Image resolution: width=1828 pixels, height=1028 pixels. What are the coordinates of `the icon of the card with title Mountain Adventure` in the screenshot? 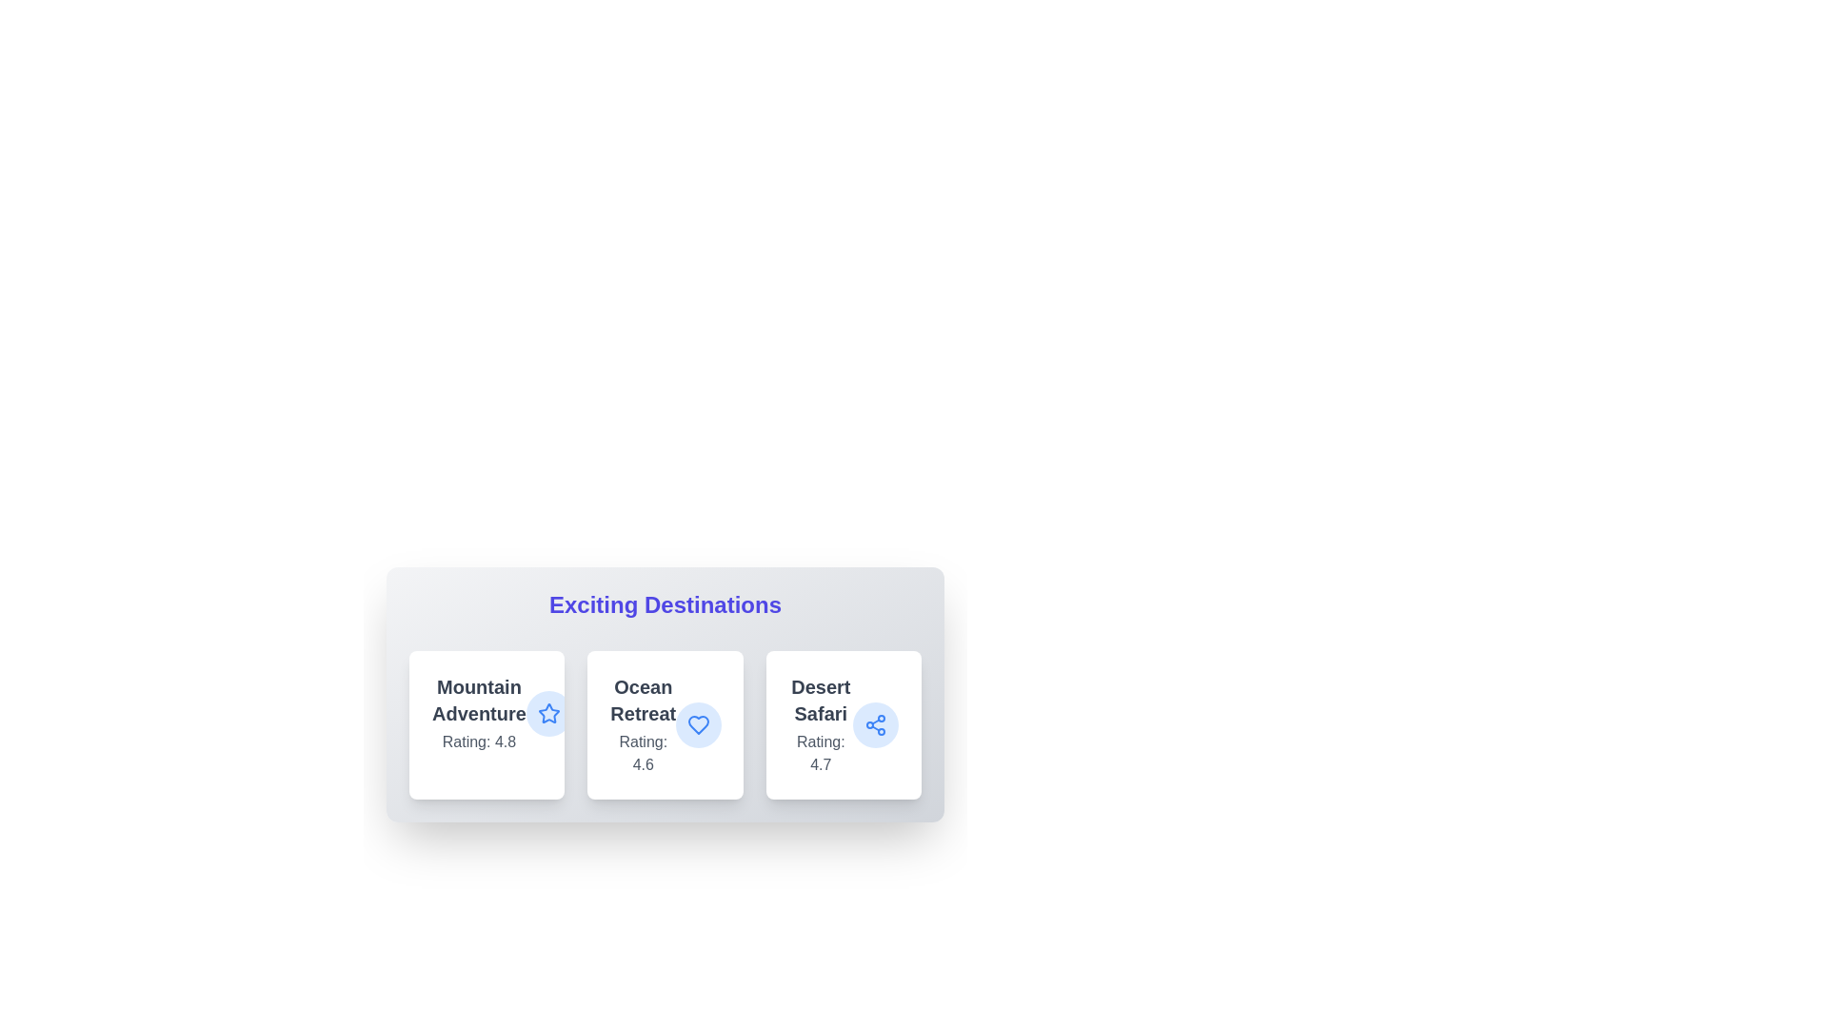 It's located at (547, 713).